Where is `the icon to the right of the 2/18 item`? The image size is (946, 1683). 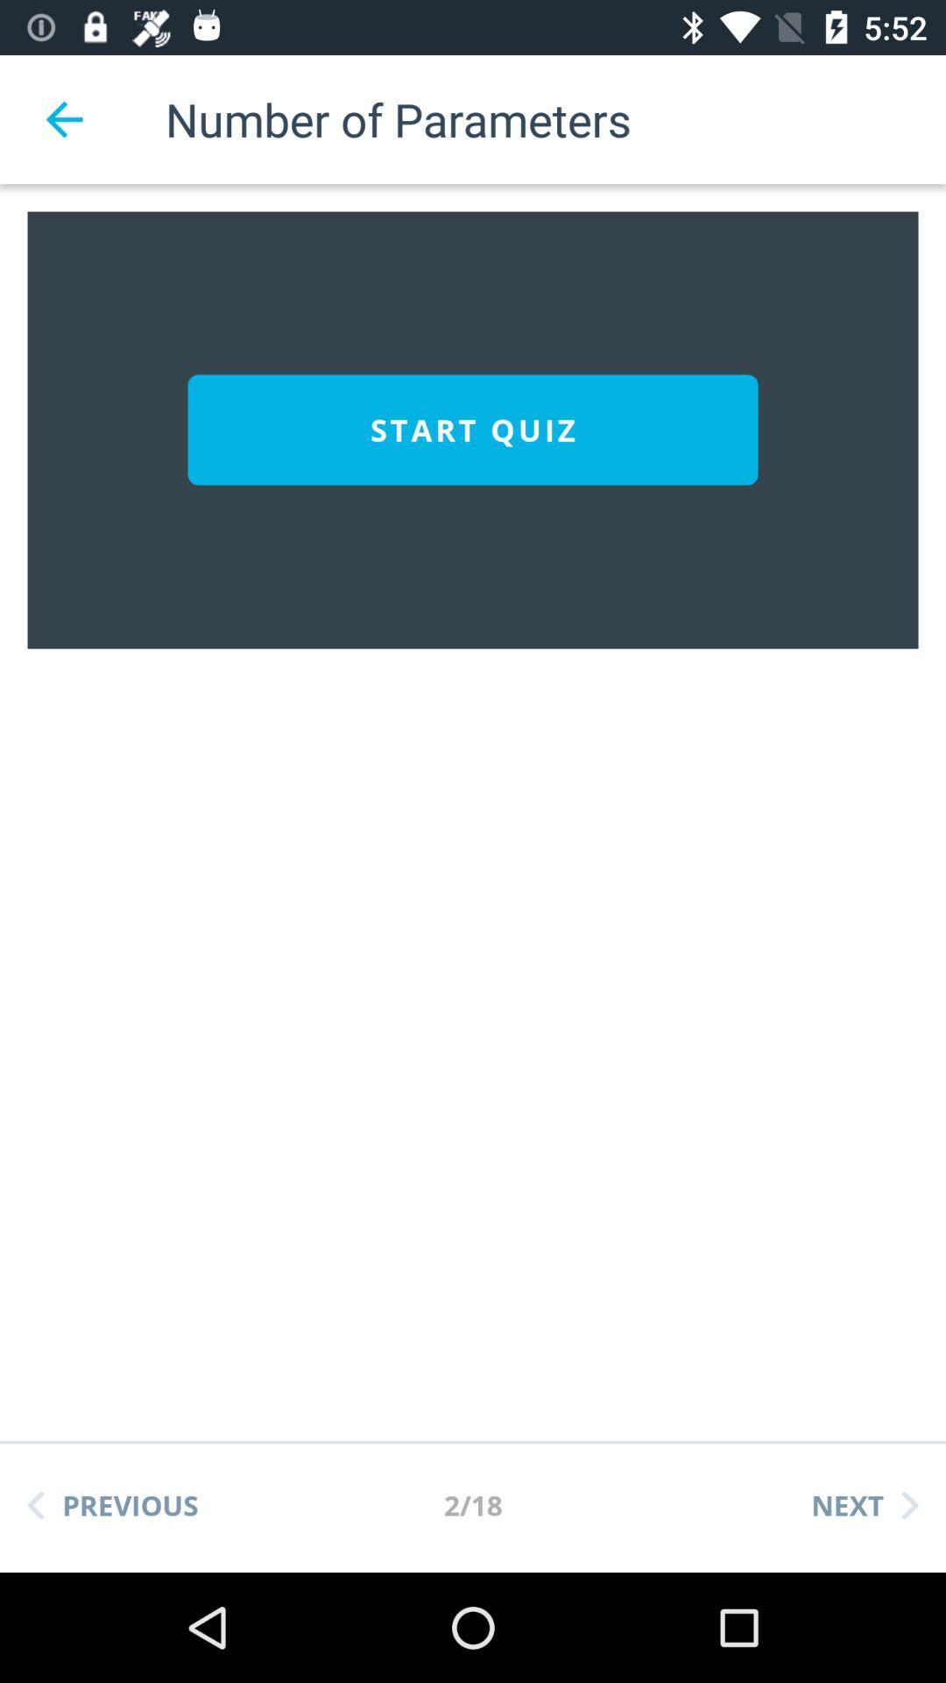
the icon to the right of the 2/18 item is located at coordinates (864, 1504).